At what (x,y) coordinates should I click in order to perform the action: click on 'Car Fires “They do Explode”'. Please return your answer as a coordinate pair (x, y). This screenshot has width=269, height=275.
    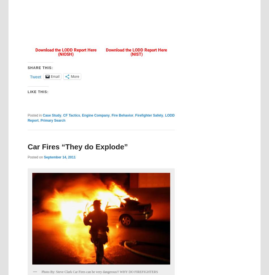
    Looking at the image, I should click on (27, 146).